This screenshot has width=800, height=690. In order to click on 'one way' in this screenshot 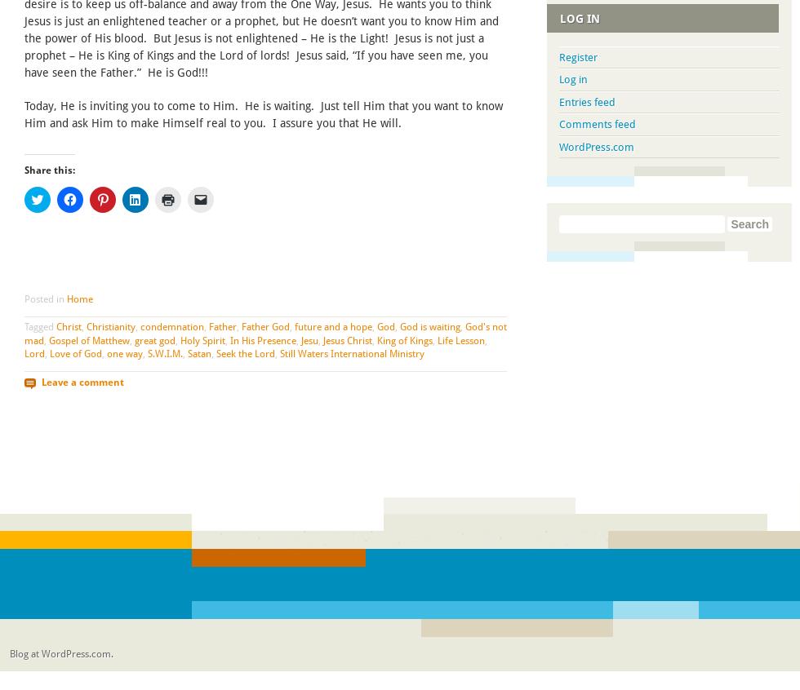, I will do `click(124, 352)`.